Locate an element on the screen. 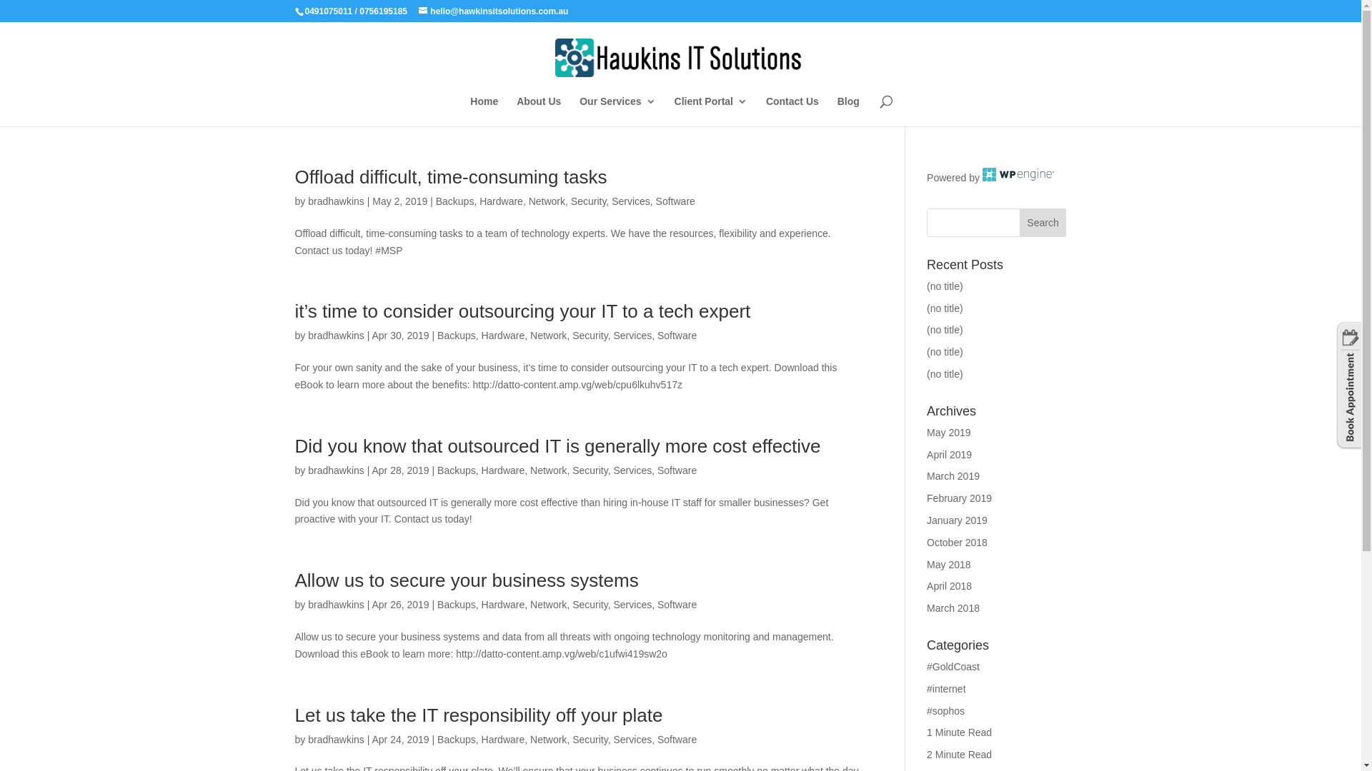 Image resolution: width=1372 pixels, height=771 pixels. 'March 2019' is located at coordinates (953, 476).